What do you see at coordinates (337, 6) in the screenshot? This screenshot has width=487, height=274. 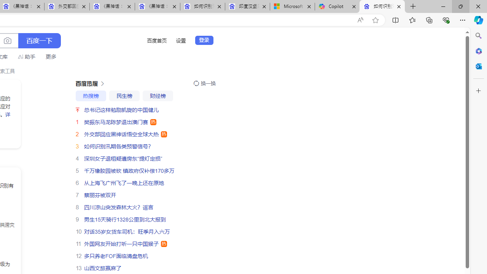 I see `'Copilot'` at bounding box center [337, 6].